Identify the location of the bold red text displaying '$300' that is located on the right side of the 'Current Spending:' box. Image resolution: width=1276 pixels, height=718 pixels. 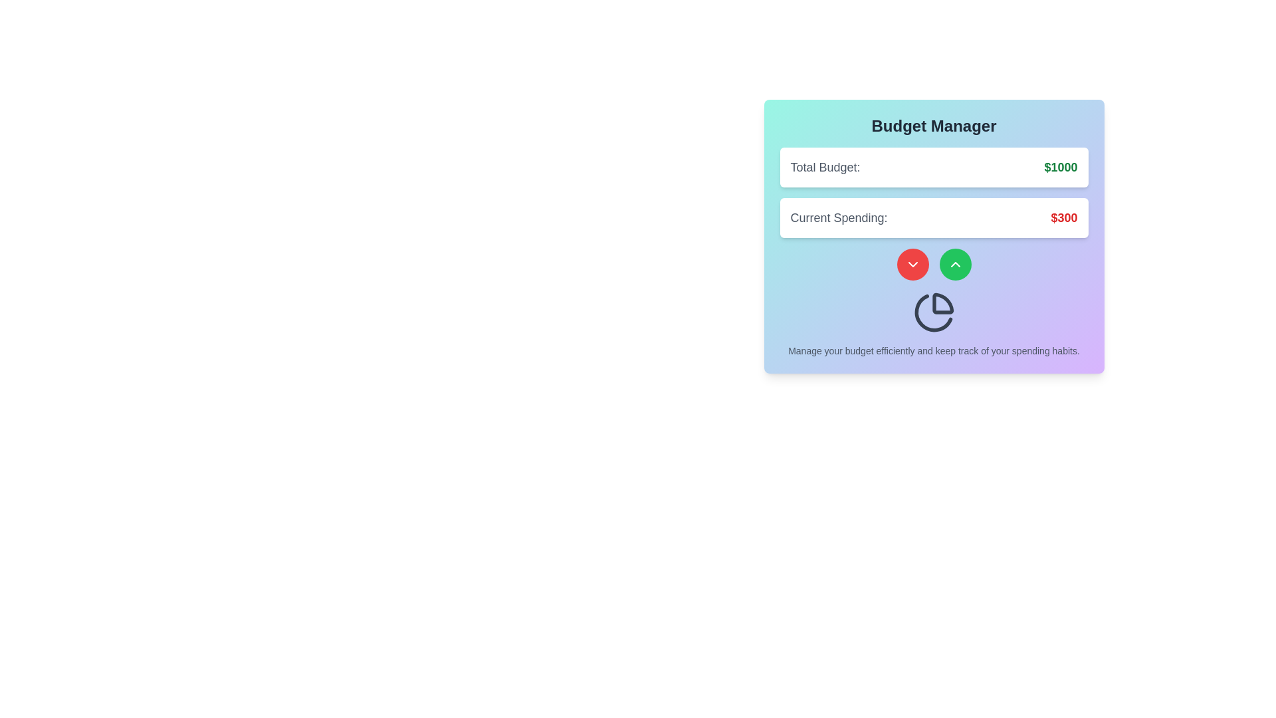
(1064, 217).